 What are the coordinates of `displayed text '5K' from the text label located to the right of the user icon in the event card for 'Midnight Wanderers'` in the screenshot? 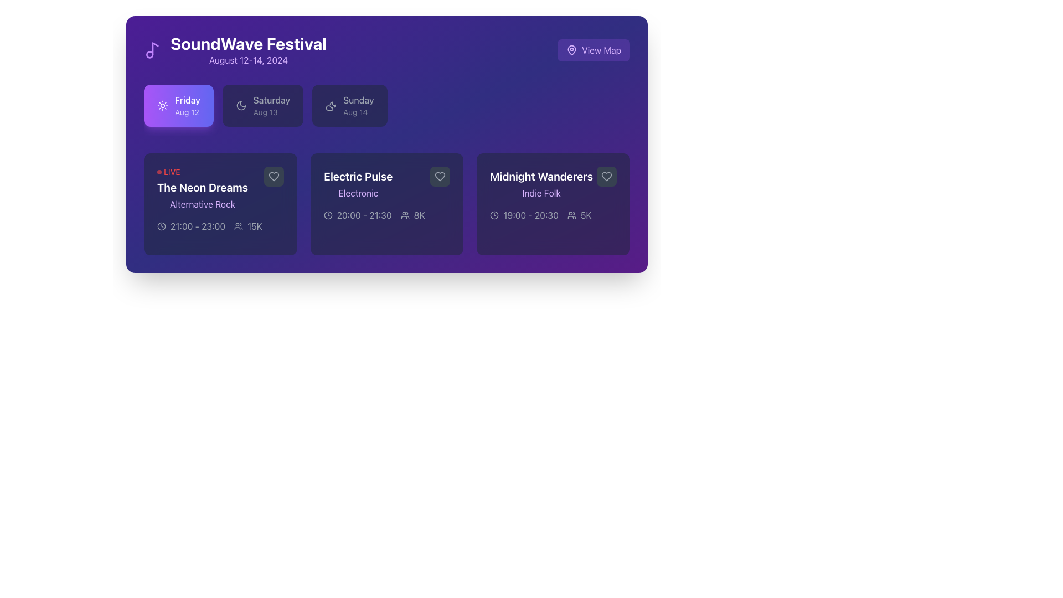 It's located at (585, 215).